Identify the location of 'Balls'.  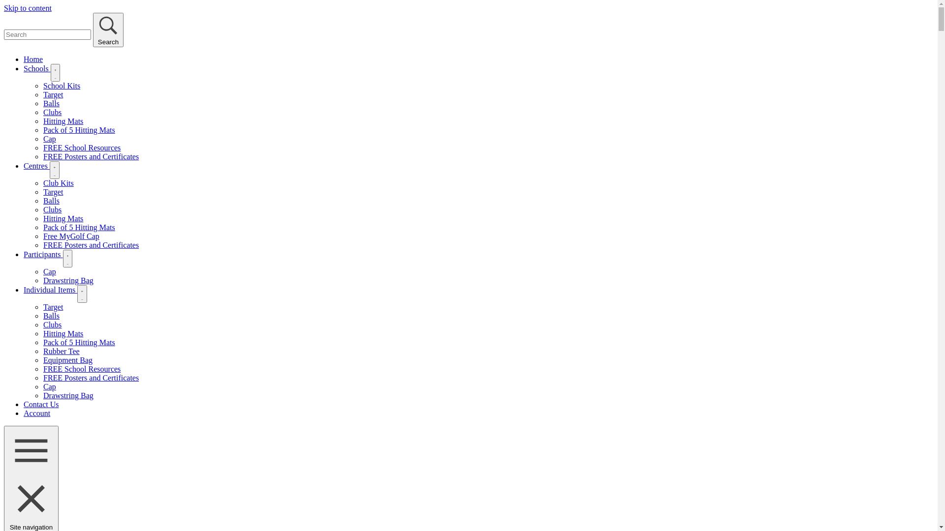
(51, 316).